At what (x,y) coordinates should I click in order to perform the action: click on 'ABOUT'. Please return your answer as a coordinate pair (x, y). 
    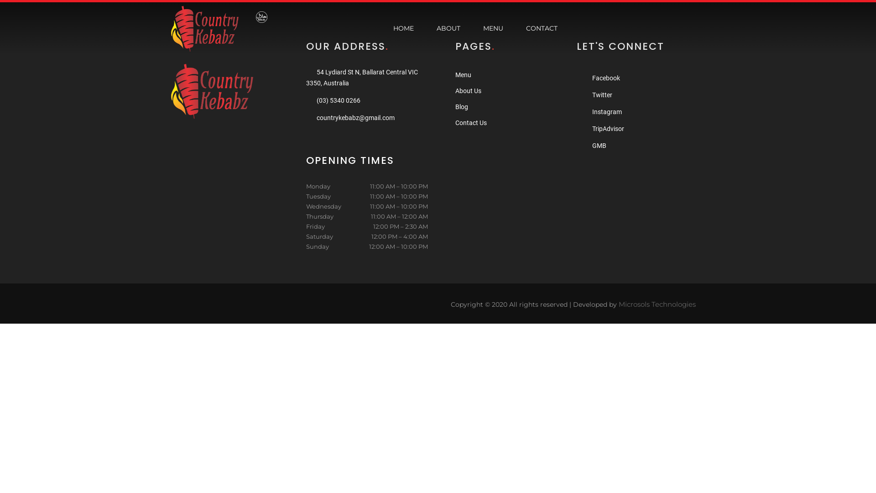
    Looking at the image, I should click on (429, 28).